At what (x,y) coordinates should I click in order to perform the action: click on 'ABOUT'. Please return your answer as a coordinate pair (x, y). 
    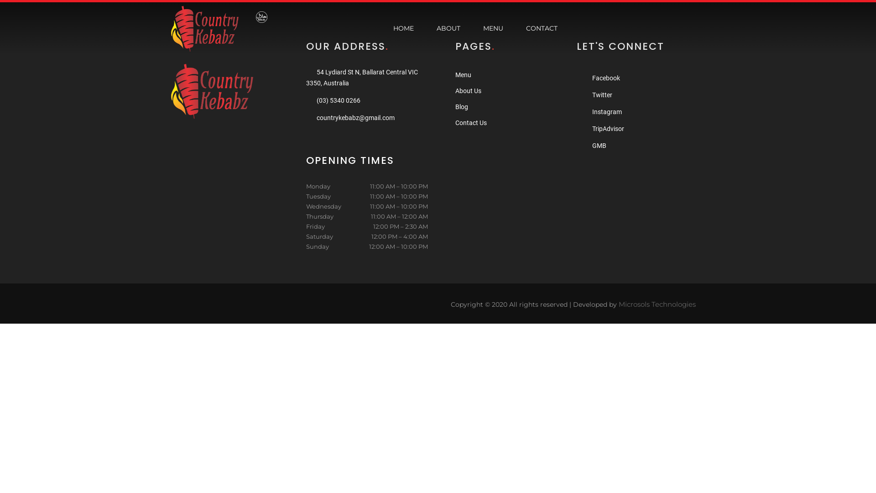
    Looking at the image, I should click on (429, 28).